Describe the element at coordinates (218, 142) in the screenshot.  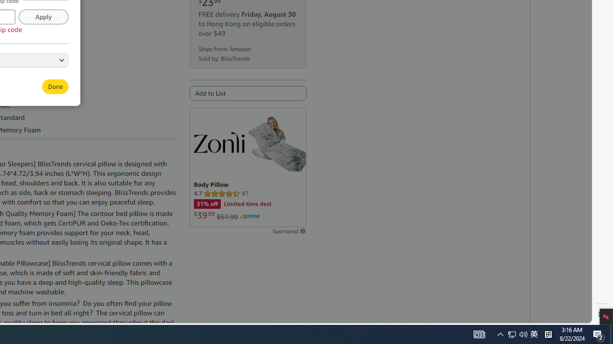
I see `'Logo'` at that location.